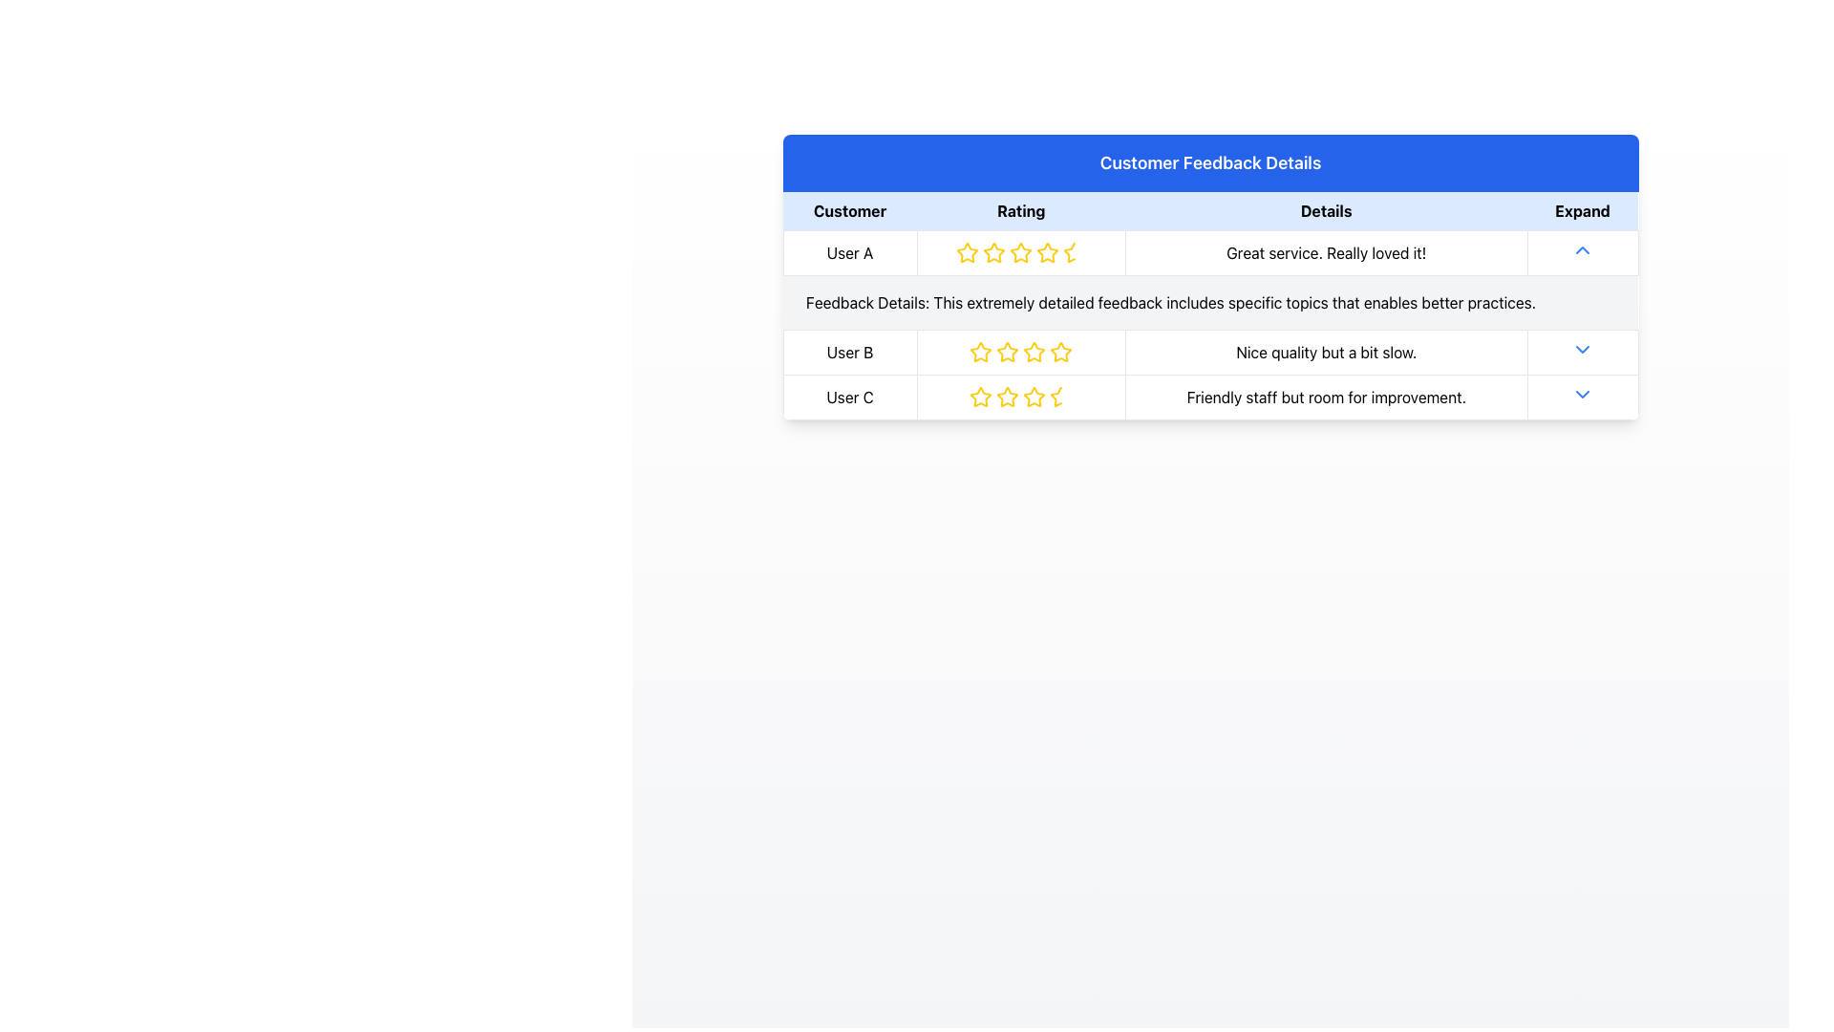 The image size is (1834, 1032). I want to click on the third star icon in the rating column of the 'Customer Feedback Details' table associated with 'User B', so click(1034, 352).